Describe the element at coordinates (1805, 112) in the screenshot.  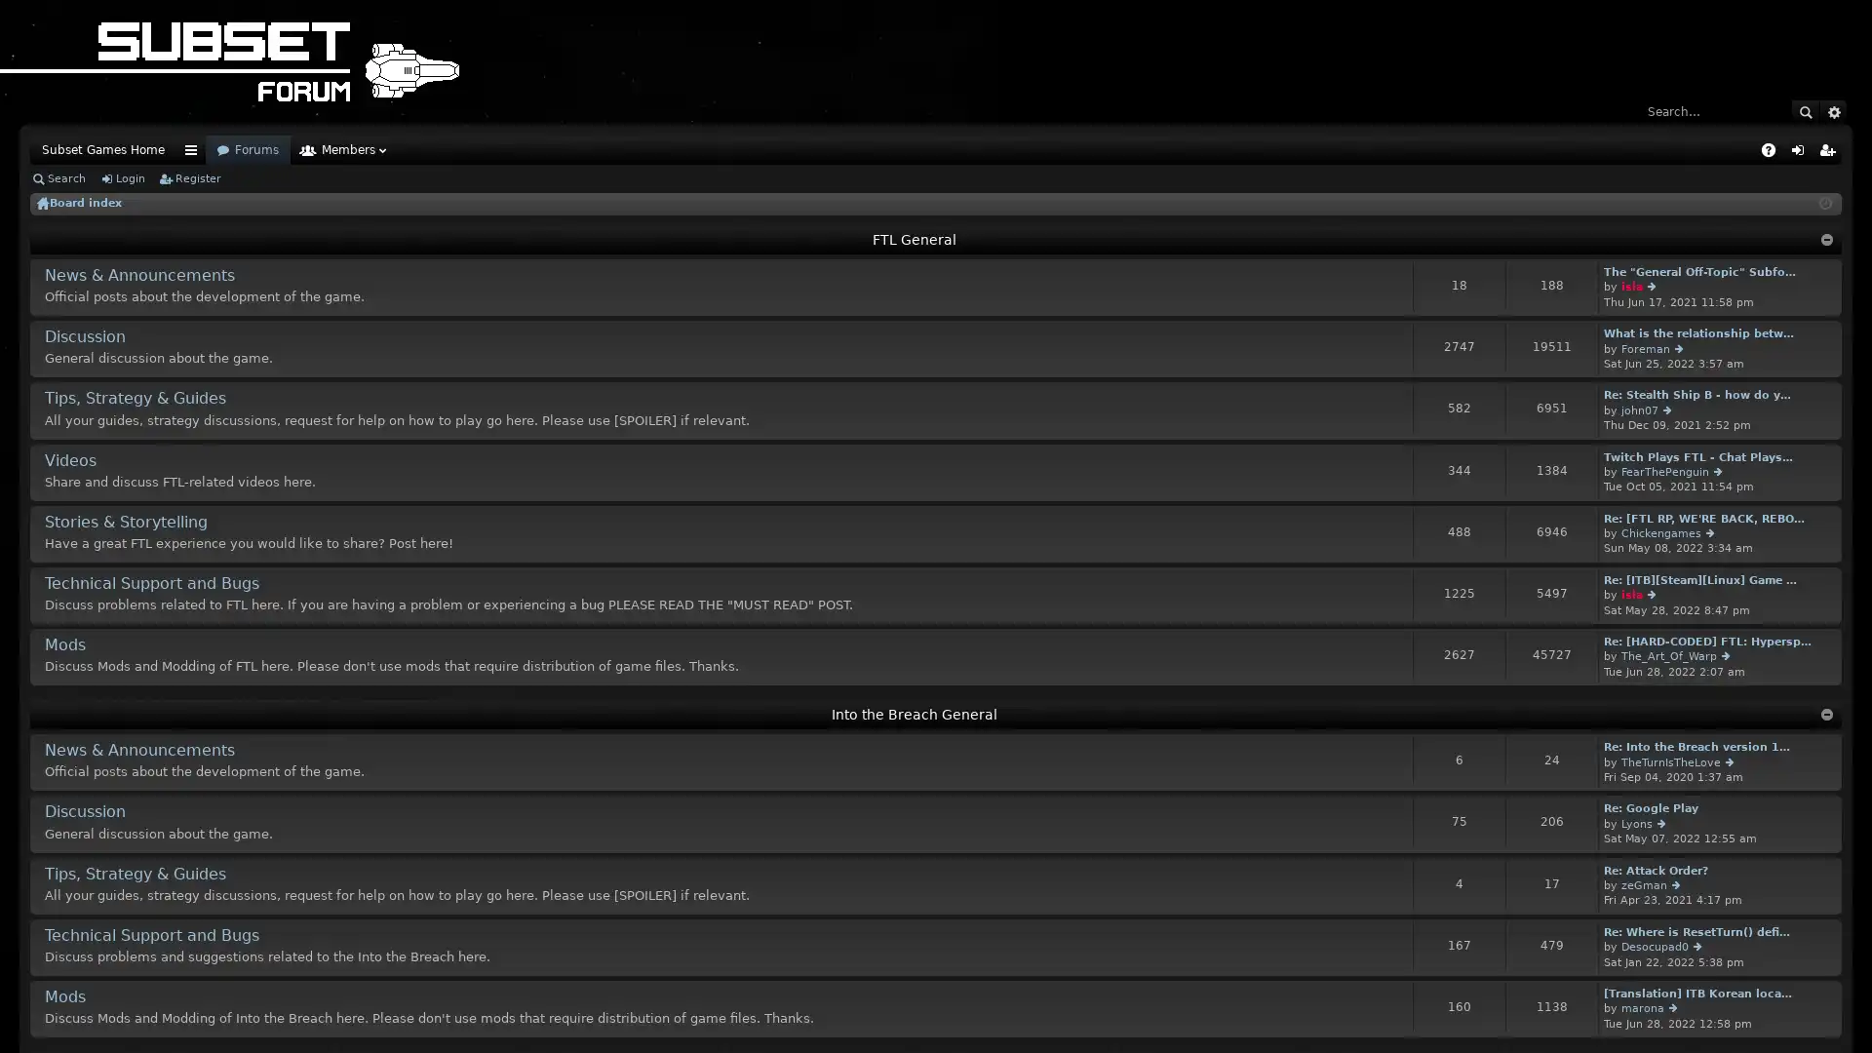
I see `Search` at that location.